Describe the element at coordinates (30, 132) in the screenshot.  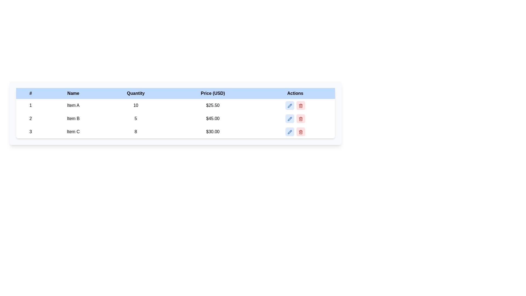
I see `the text display indicating the index number of the third entry ('Item C') in the table, located at the bottom-left of the table` at that location.